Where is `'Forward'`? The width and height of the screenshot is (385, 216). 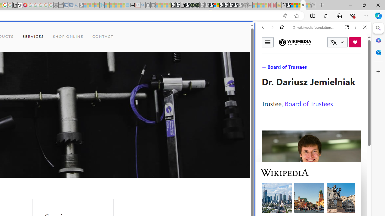 'Forward' is located at coordinates (272, 27).